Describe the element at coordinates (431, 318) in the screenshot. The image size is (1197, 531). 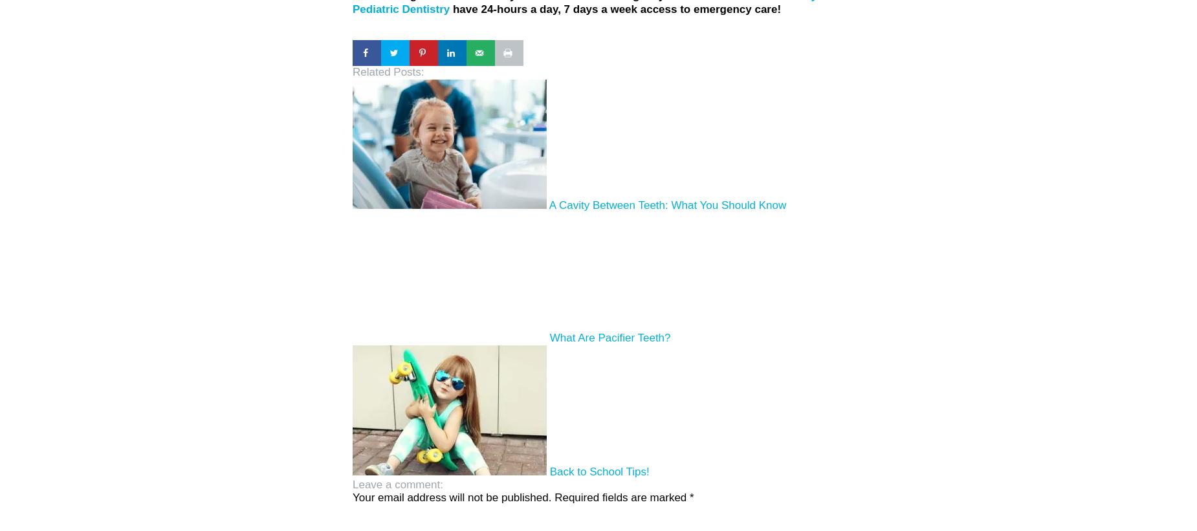
I see `'A Cavity Between Teeth: What You Should Know'` at that location.